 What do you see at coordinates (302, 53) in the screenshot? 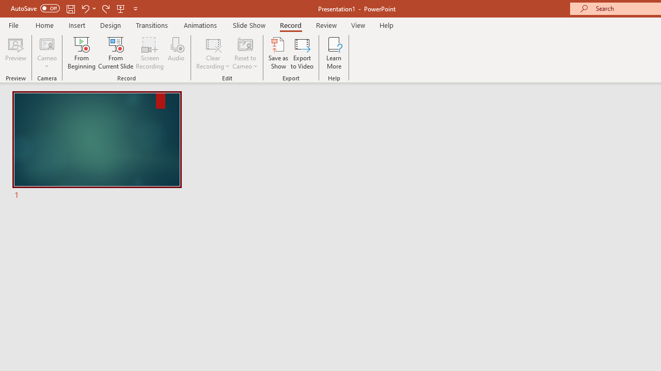
I see `'Export to Video'` at bounding box center [302, 53].